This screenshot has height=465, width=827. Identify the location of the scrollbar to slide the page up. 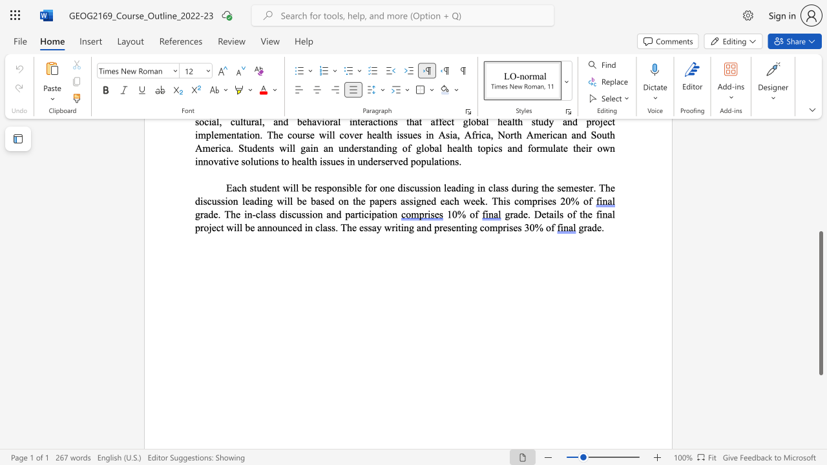
(820, 142).